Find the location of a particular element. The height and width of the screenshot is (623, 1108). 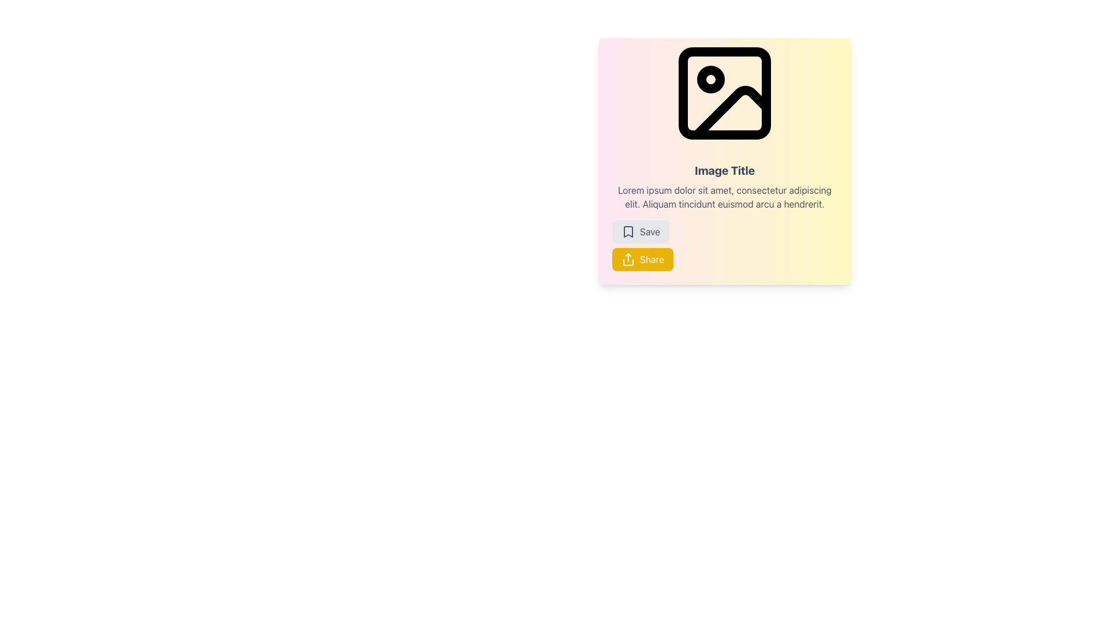

the 'Share' button icon located in the bottom-right corner of the card layout is located at coordinates (628, 260).